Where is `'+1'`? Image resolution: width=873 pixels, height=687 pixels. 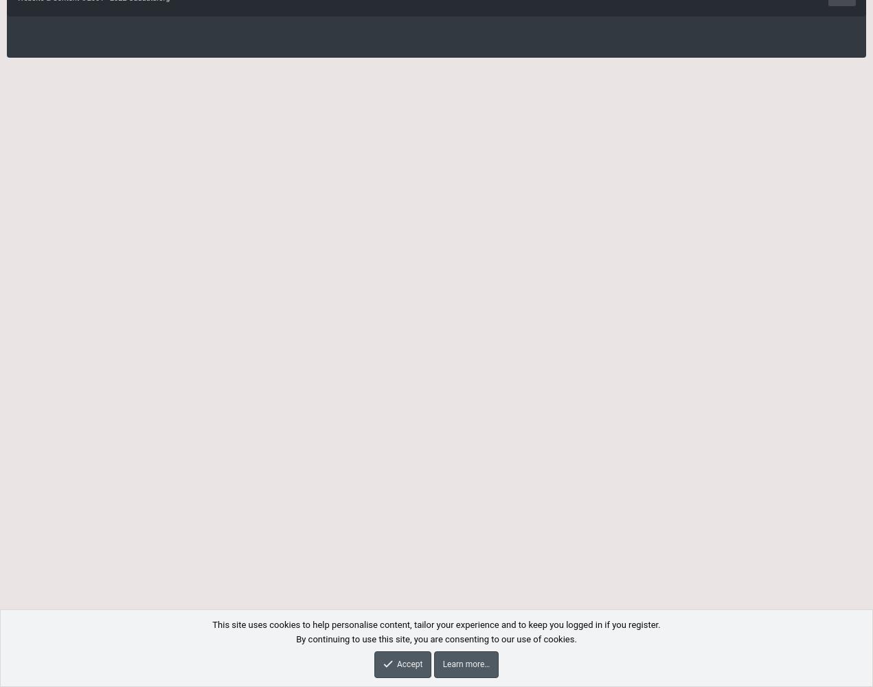 '+1' is located at coordinates (141, 668).